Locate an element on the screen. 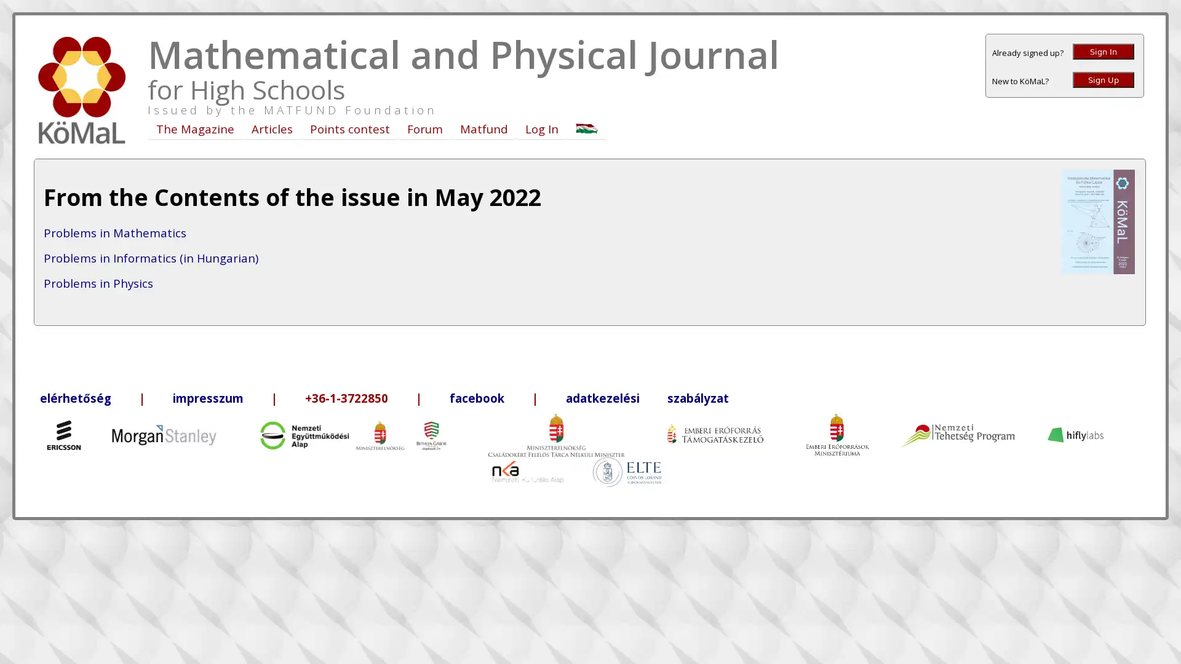 The height and width of the screenshot is (664, 1181). Sign Up is located at coordinates (1103, 80).